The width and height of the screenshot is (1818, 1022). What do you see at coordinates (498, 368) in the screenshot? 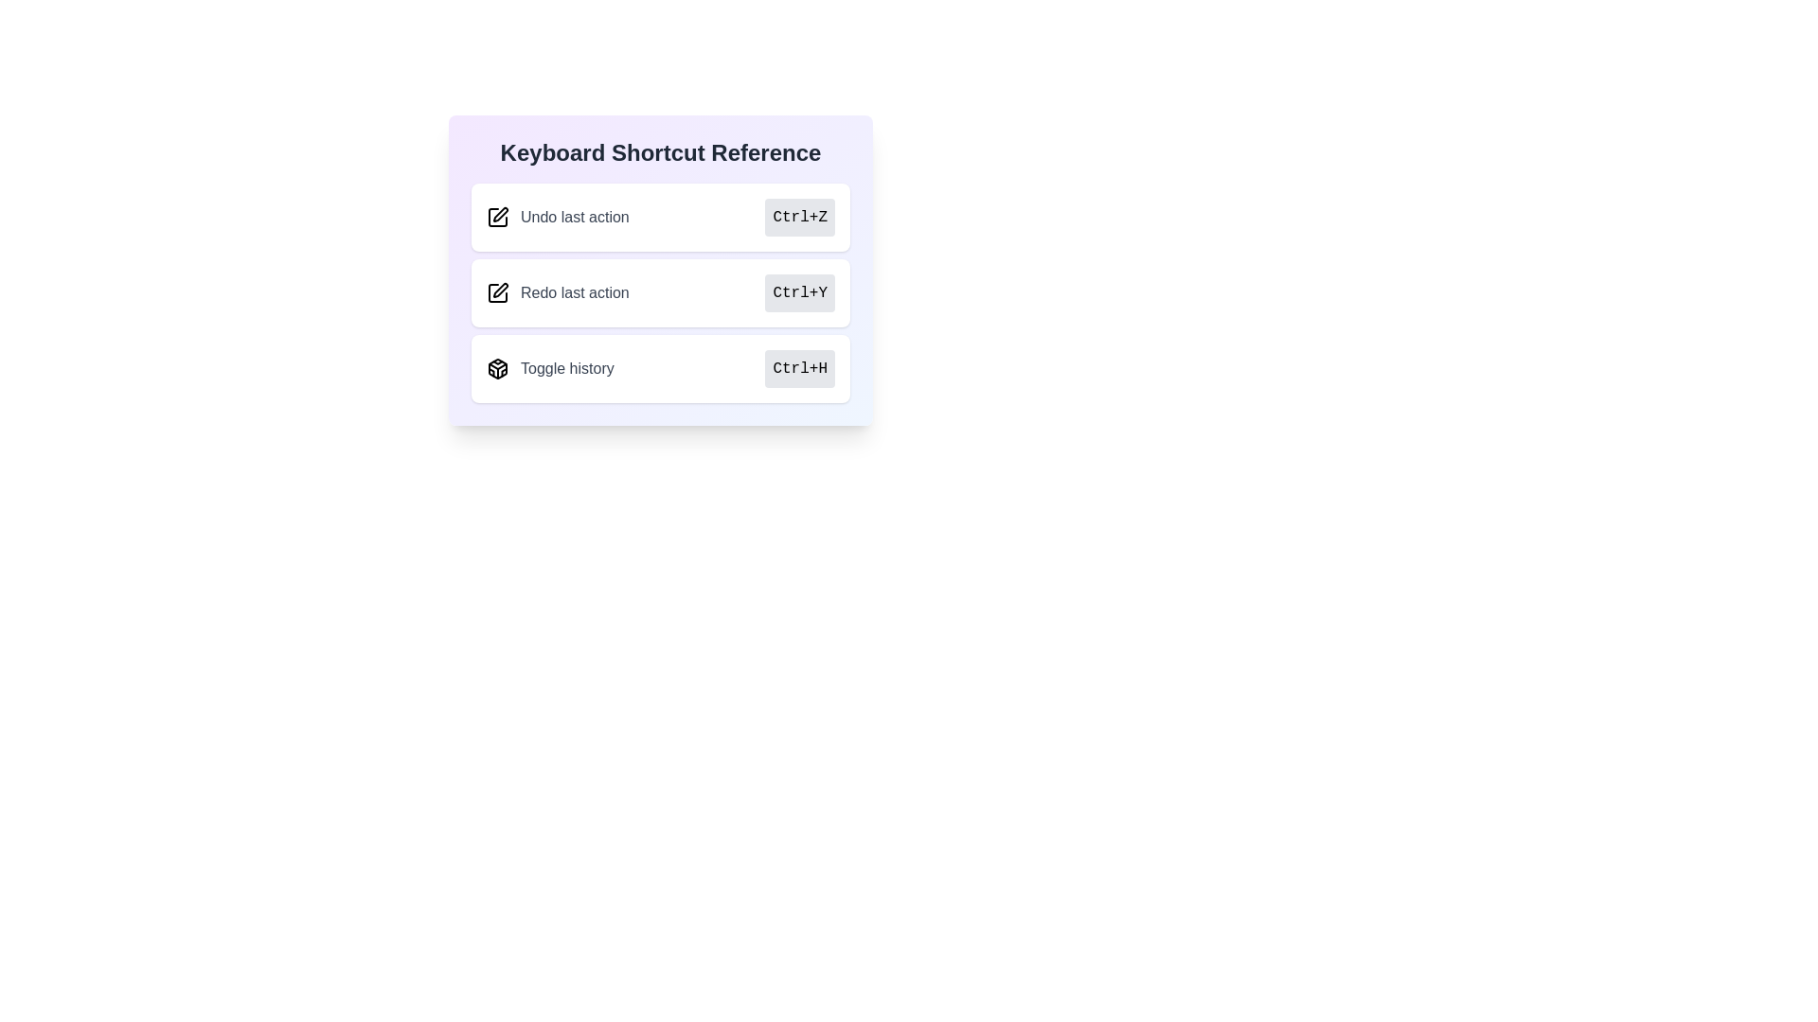
I see `the Cube Icon located to the left of the 'Toggle history' text in the third row of the 'Keyboard Shortcut Reference' card to visually associate it with its corresponding text` at bounding box center [498, 368].